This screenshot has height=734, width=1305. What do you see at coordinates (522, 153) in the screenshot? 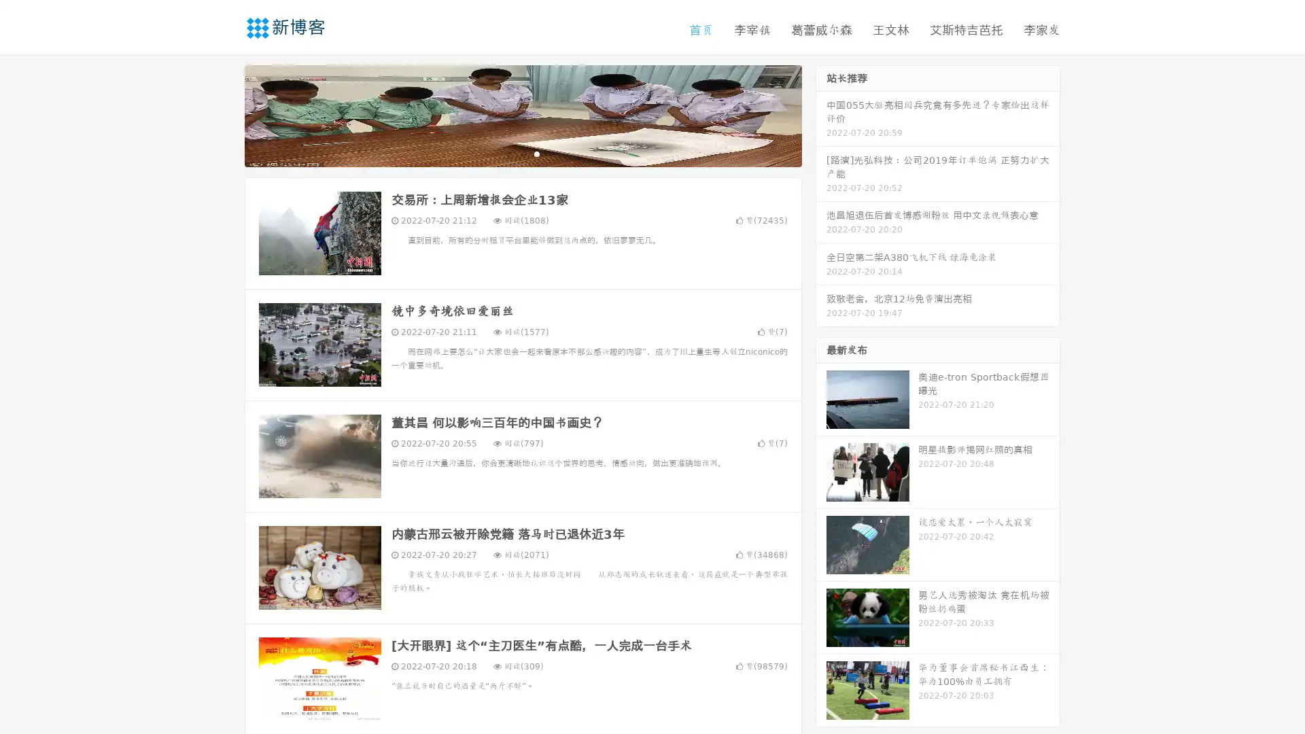
I see `Go to slide 2` at bounding box center [522, 153].